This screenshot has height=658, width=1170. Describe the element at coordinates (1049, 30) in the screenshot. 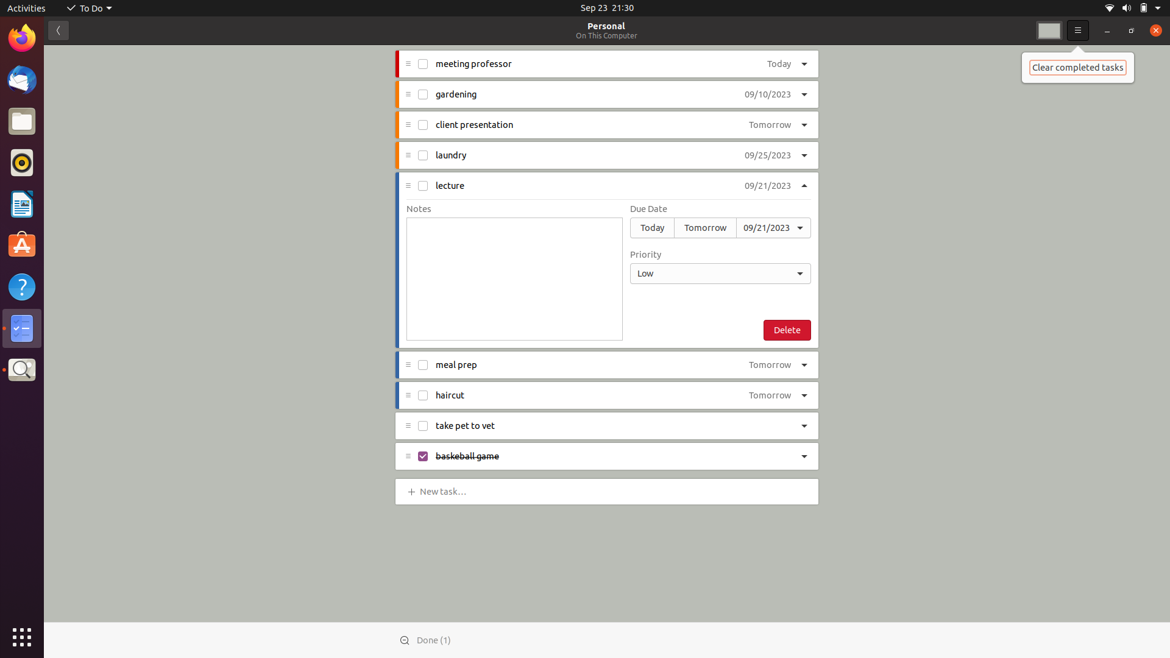

I see `Change background color to second first option in dropdown` at that location.